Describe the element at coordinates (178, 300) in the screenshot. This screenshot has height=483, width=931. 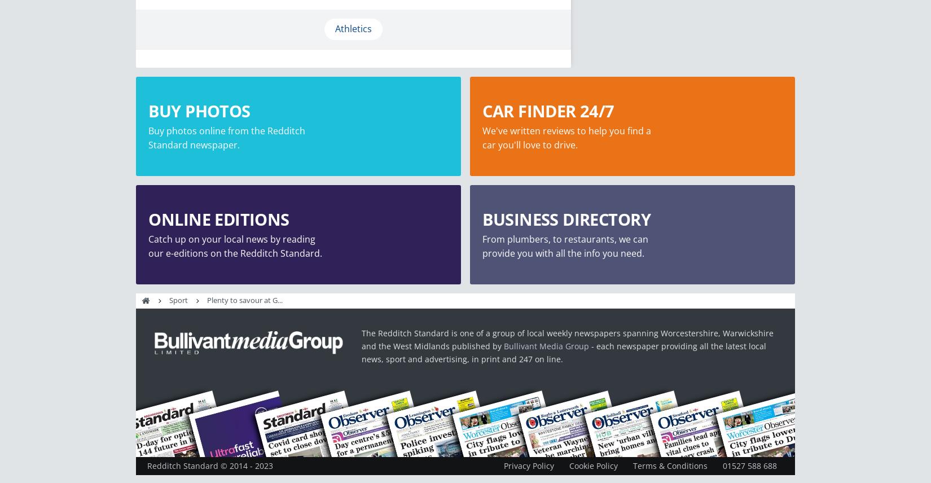
I see `'Sport'` at that location.